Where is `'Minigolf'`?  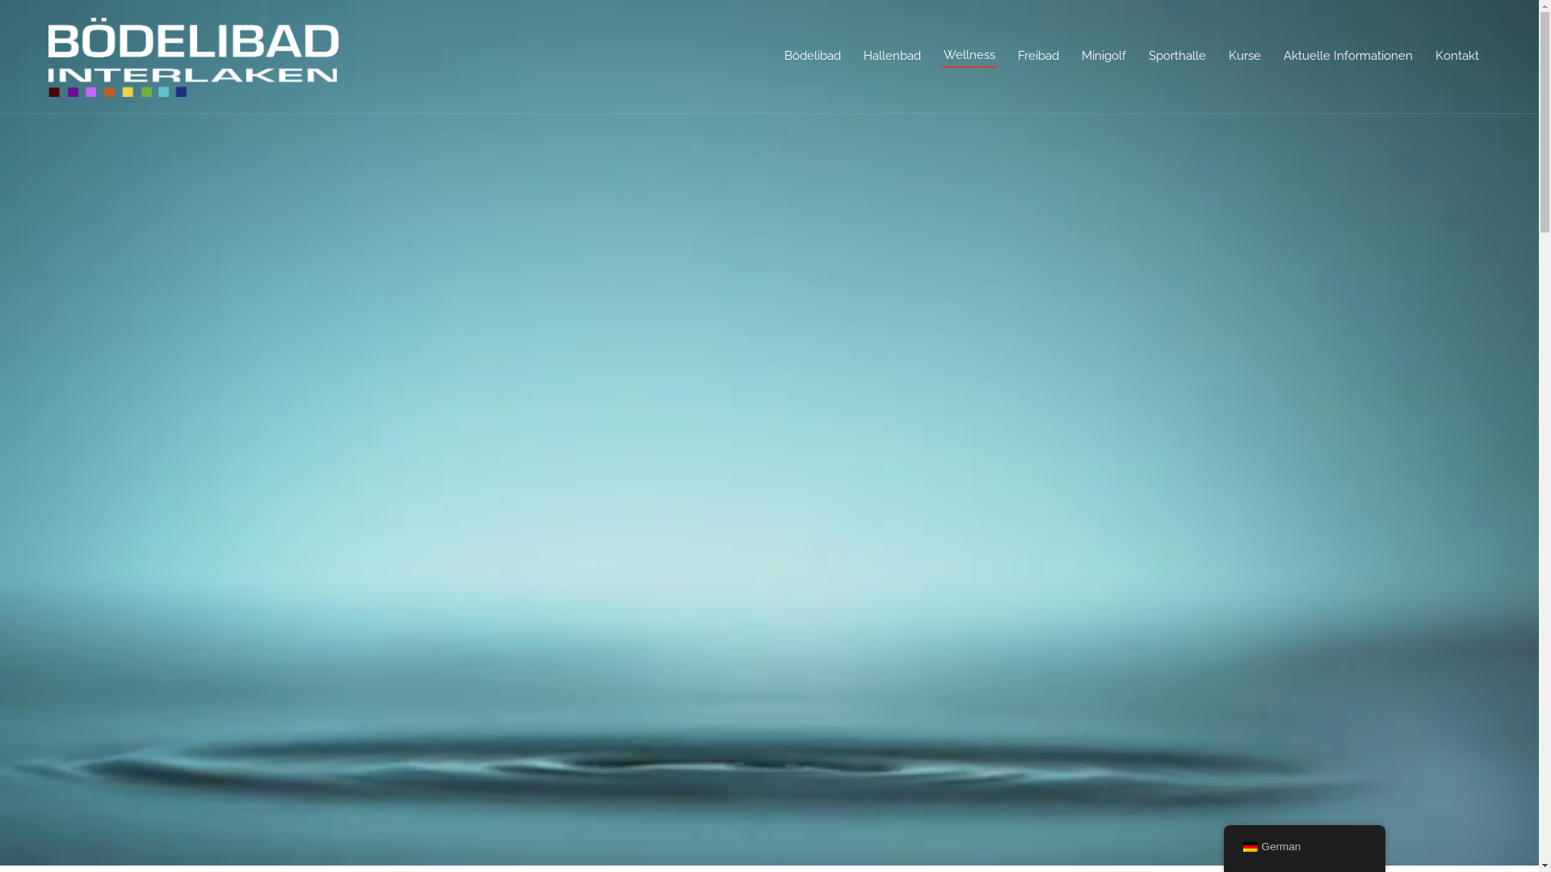
'Minigolf' is located at coordinates (1103, 55).